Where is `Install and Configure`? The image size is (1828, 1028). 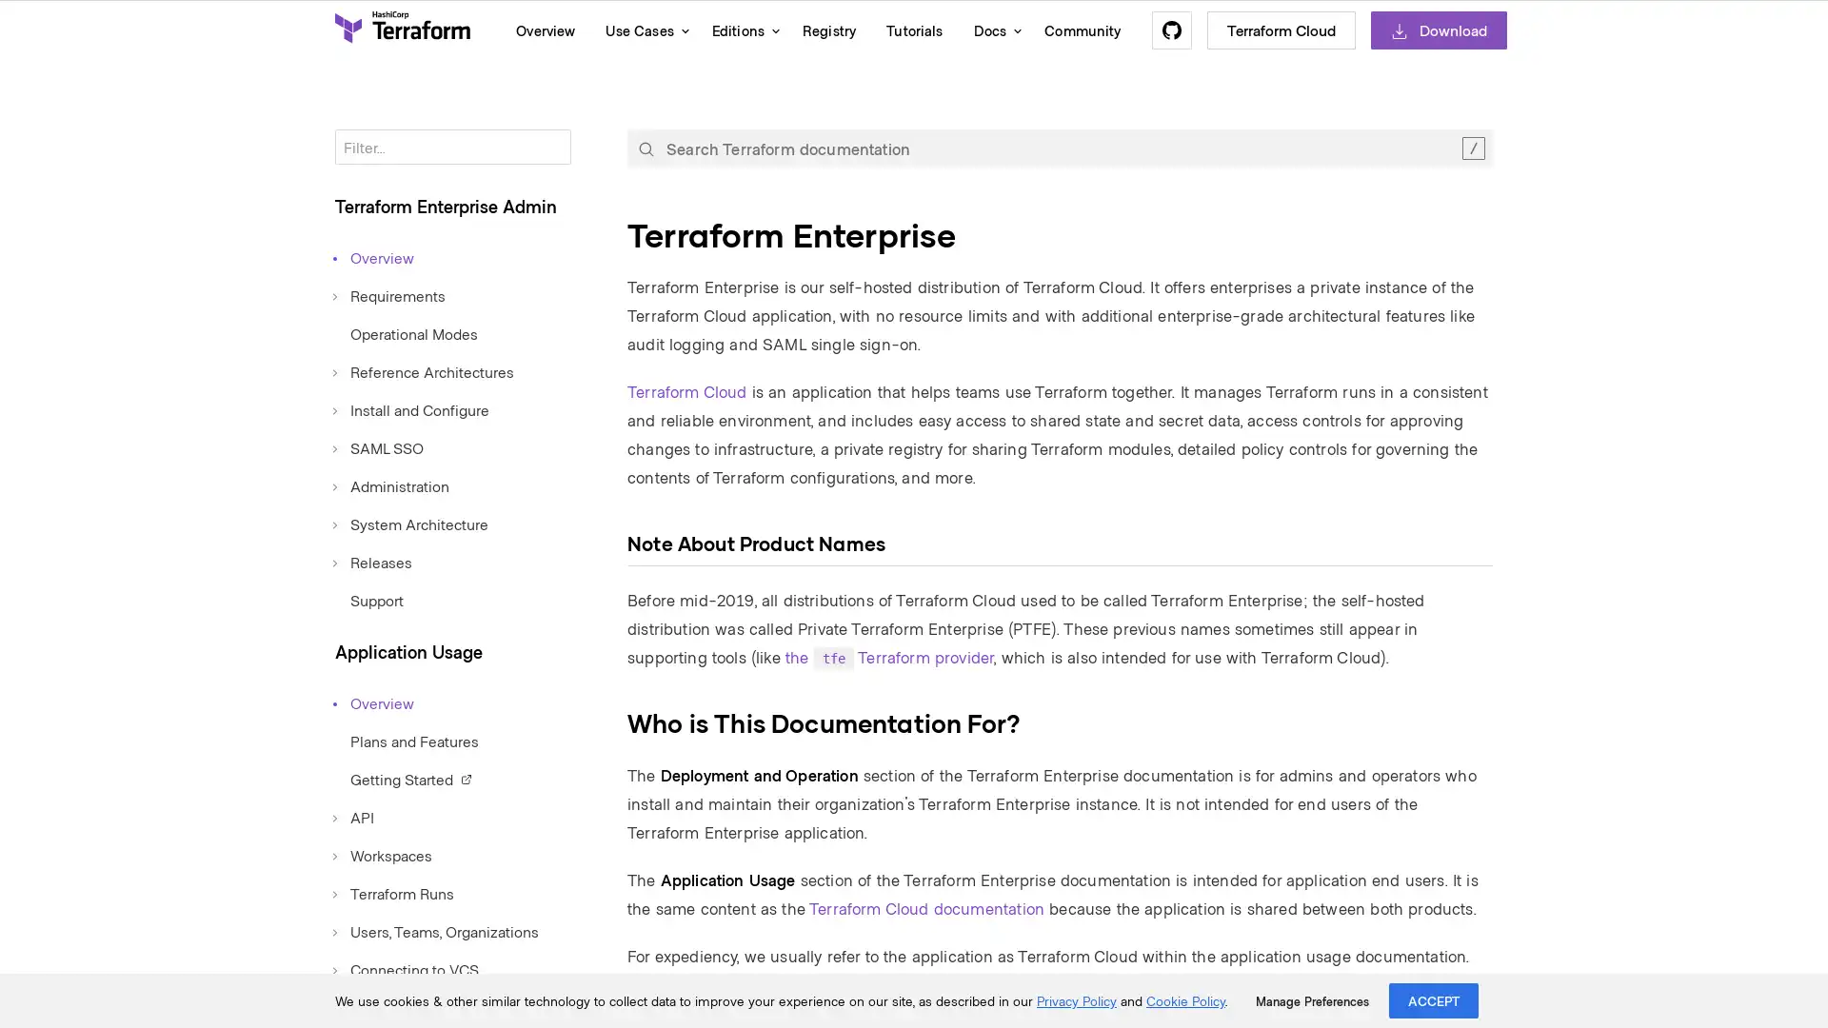
Install and Configure is located at coordinates (410, 407).